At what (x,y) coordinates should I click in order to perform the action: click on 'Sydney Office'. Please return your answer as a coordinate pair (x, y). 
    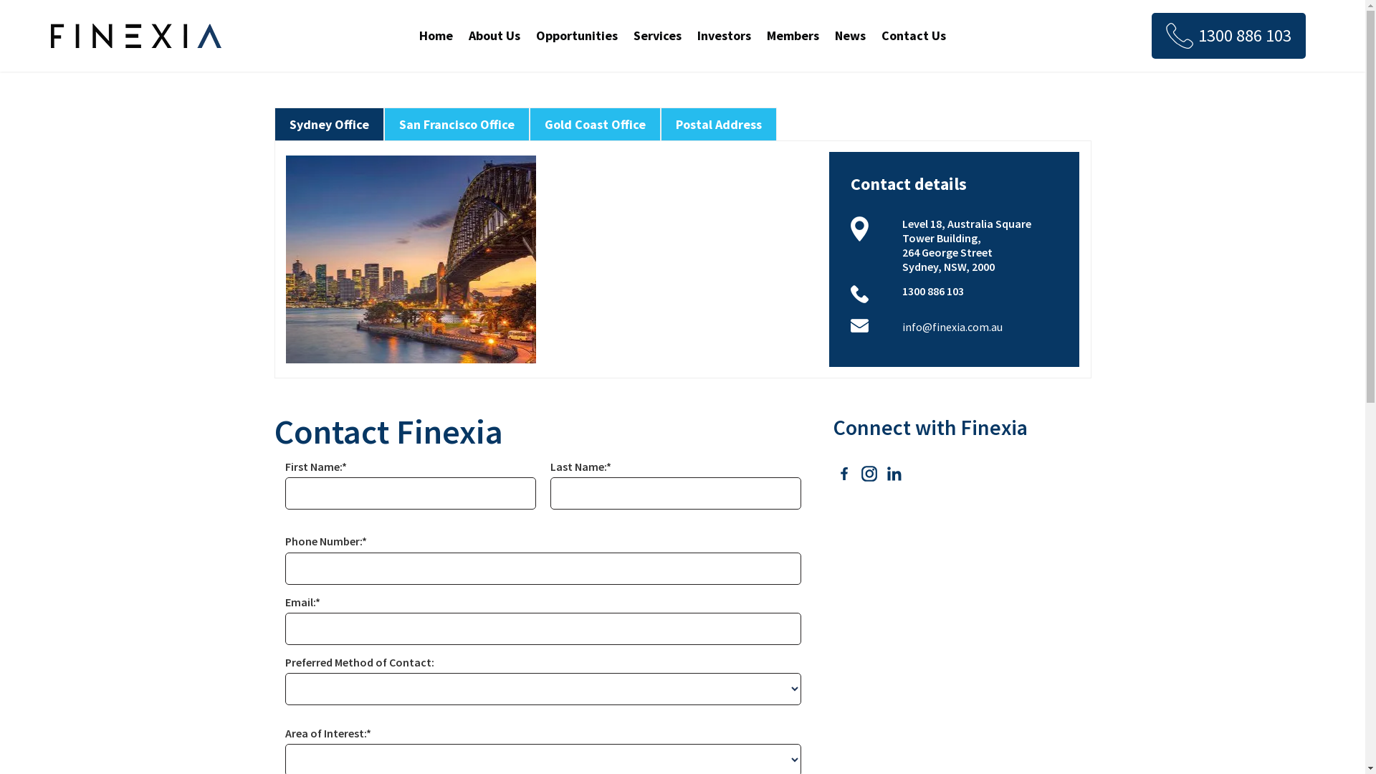
    Looking at the image, I should click on (328, 123).